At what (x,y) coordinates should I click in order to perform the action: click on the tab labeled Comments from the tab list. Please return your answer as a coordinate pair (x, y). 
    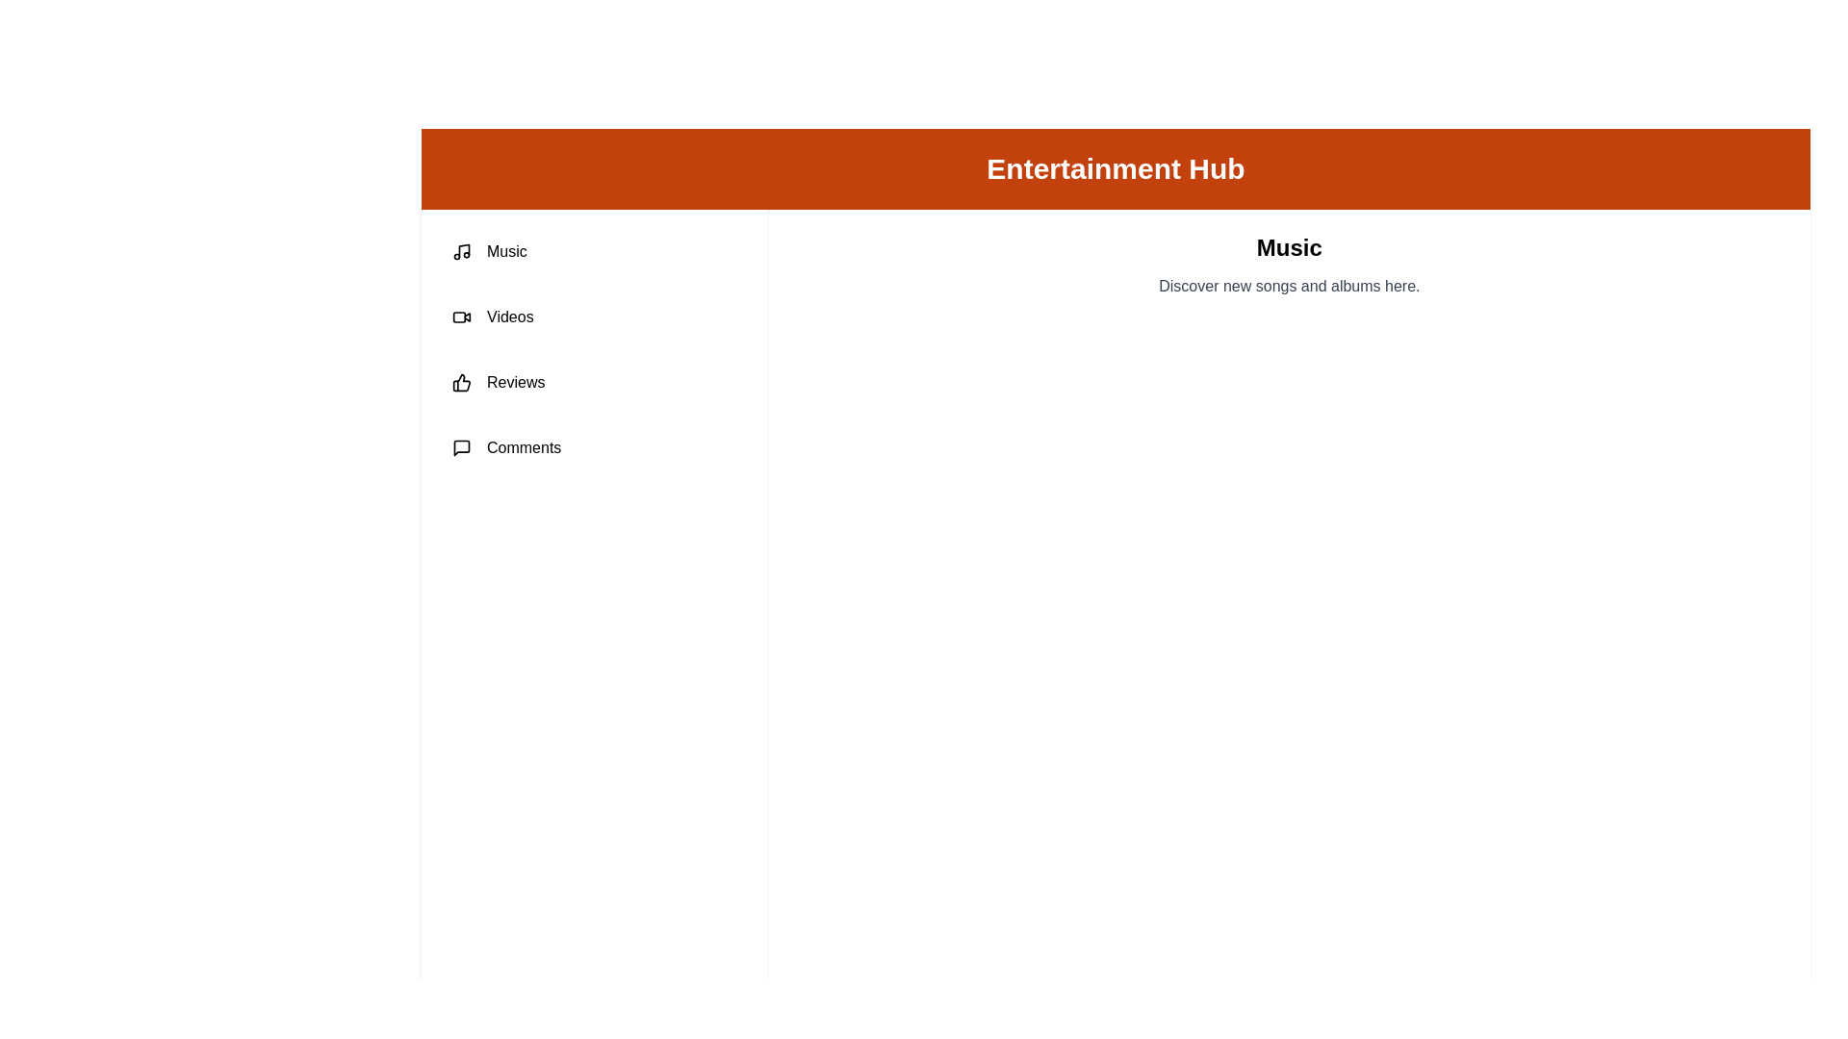
    Looking at the image, I should click on (594, 448).